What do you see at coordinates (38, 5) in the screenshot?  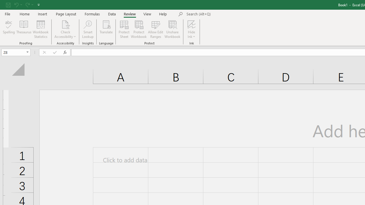 I see `'Customize Quick Access Toolbar'` at bounding box center [38, 5].